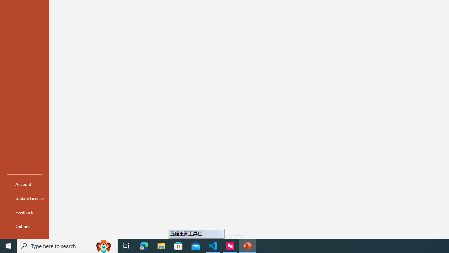 The width and height of the screenshot is (449, 253). I want to click on 'Update License', so click(24, 198).